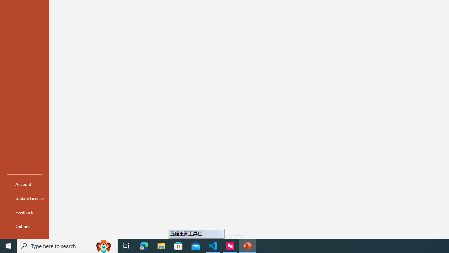 The width and height of the screenshot is (449, 253). I want to click on 'Update License', so click(24, 198).